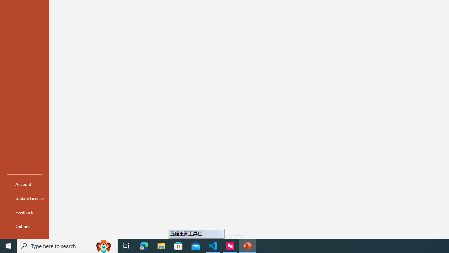 The width and height of the screenshot is (449, 253). I want to click on 'Update License', so click(24, 198).